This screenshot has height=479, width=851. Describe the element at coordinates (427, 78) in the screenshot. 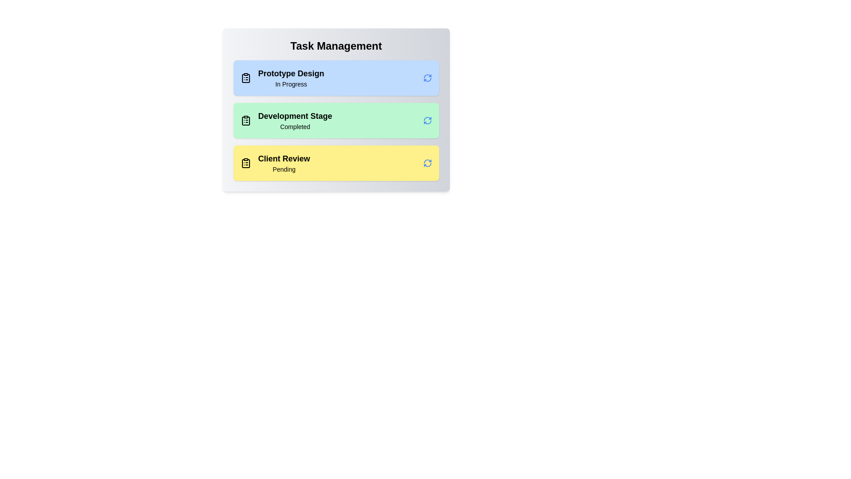

I see `refresh icon for the task with title Prototype Design to toggle its status` at that location.